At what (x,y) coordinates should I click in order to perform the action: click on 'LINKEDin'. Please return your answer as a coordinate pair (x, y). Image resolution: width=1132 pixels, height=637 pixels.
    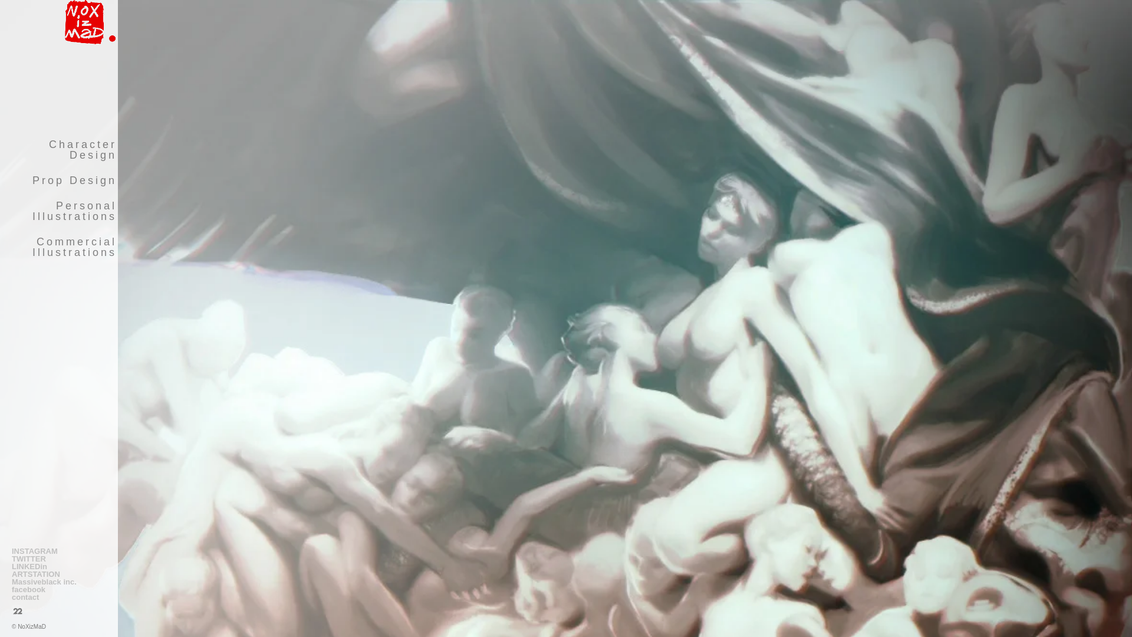
    Looking at the image, I should click on (11, 566).